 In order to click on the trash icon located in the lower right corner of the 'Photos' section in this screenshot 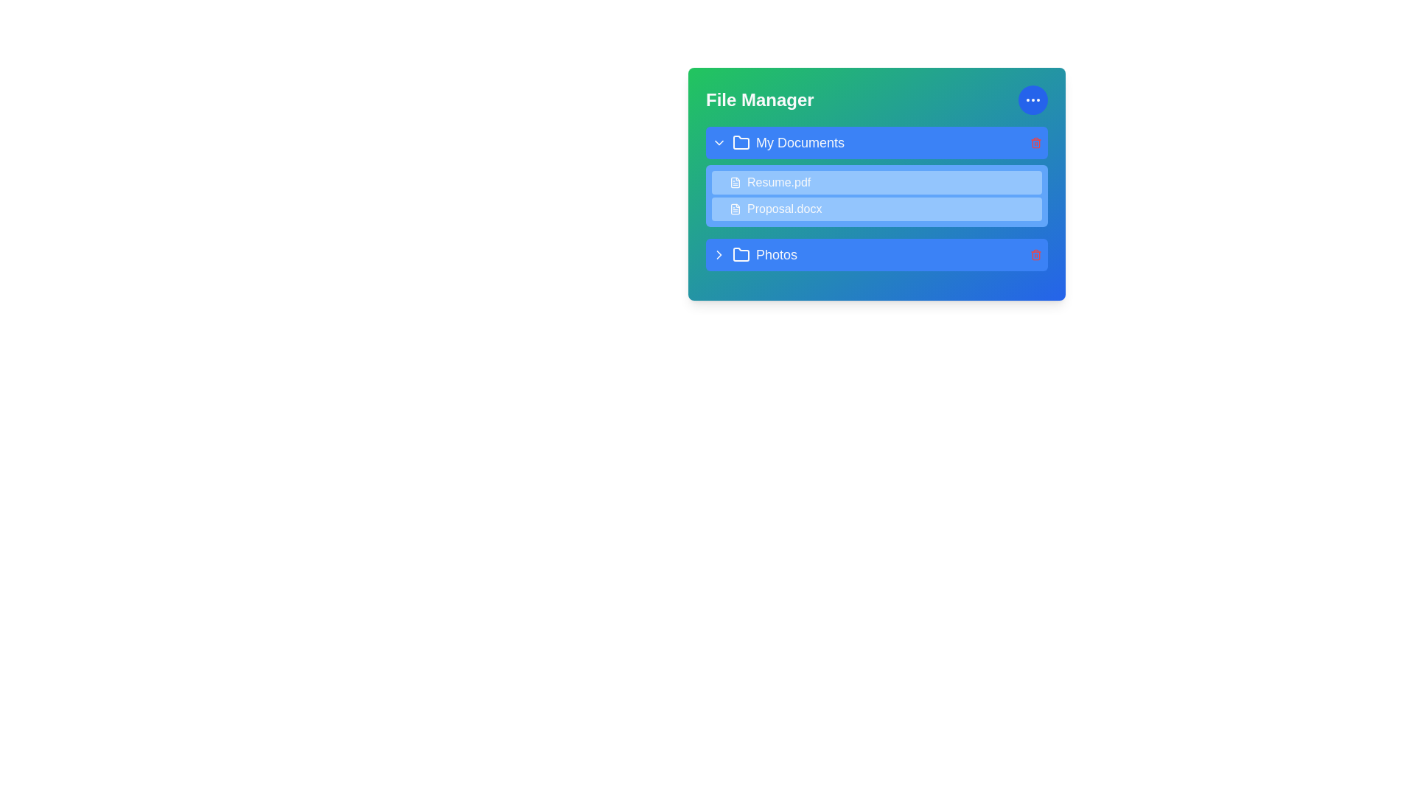, I will do `click(1035, 255)`.